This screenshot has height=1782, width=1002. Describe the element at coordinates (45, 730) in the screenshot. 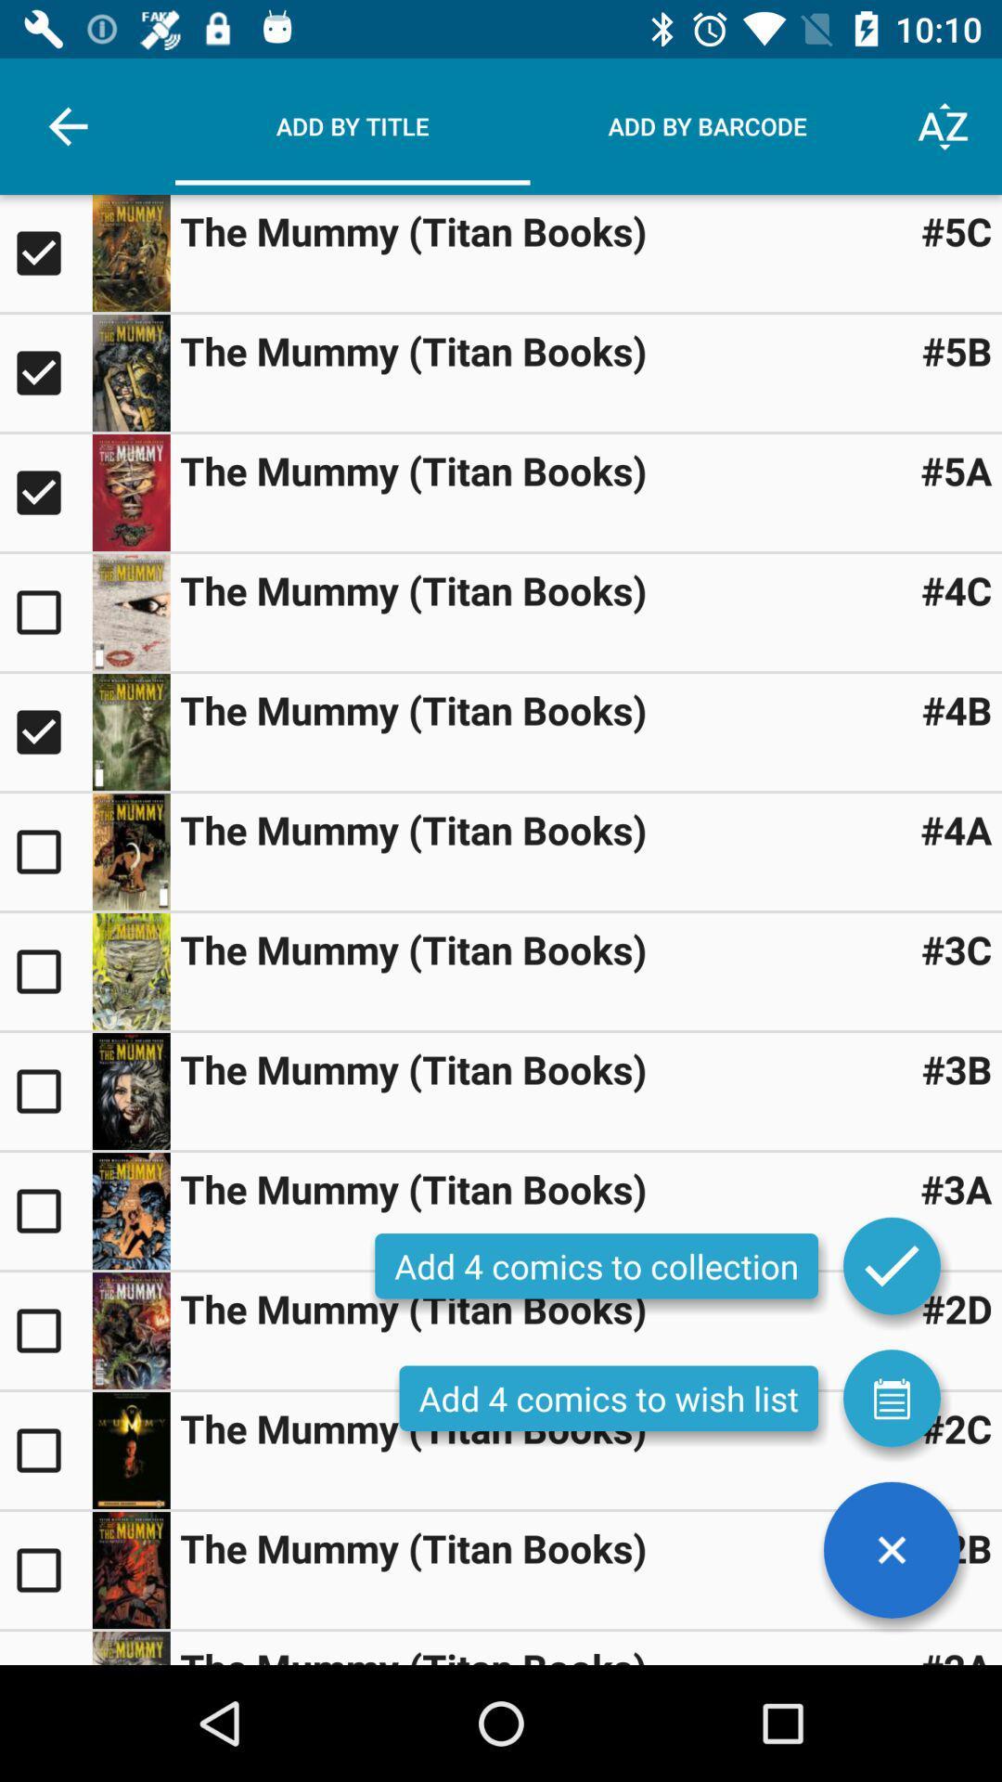

I see `selection choice` at that location.